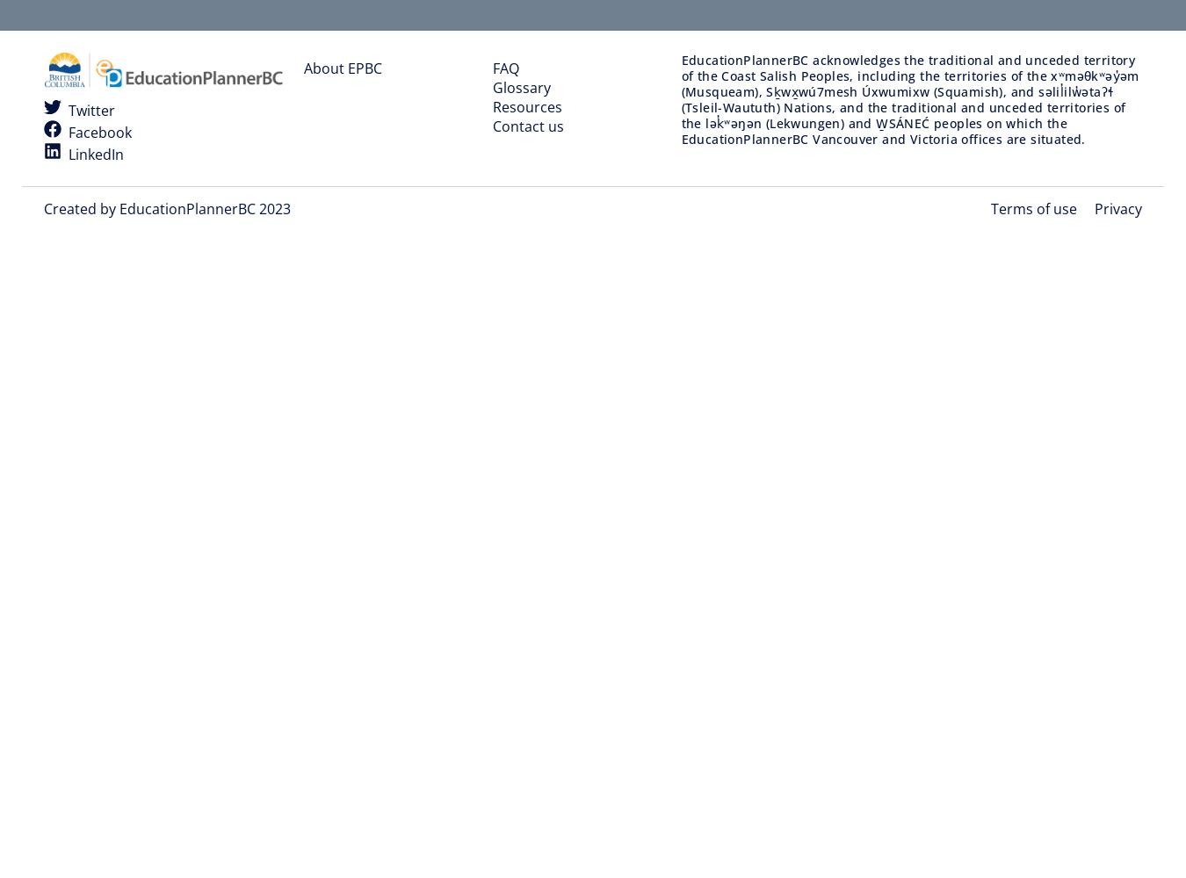 Image resolution: width=1186 pixels, height=878 pixels. I want to click on 'About EPBC', so click(343, 67).